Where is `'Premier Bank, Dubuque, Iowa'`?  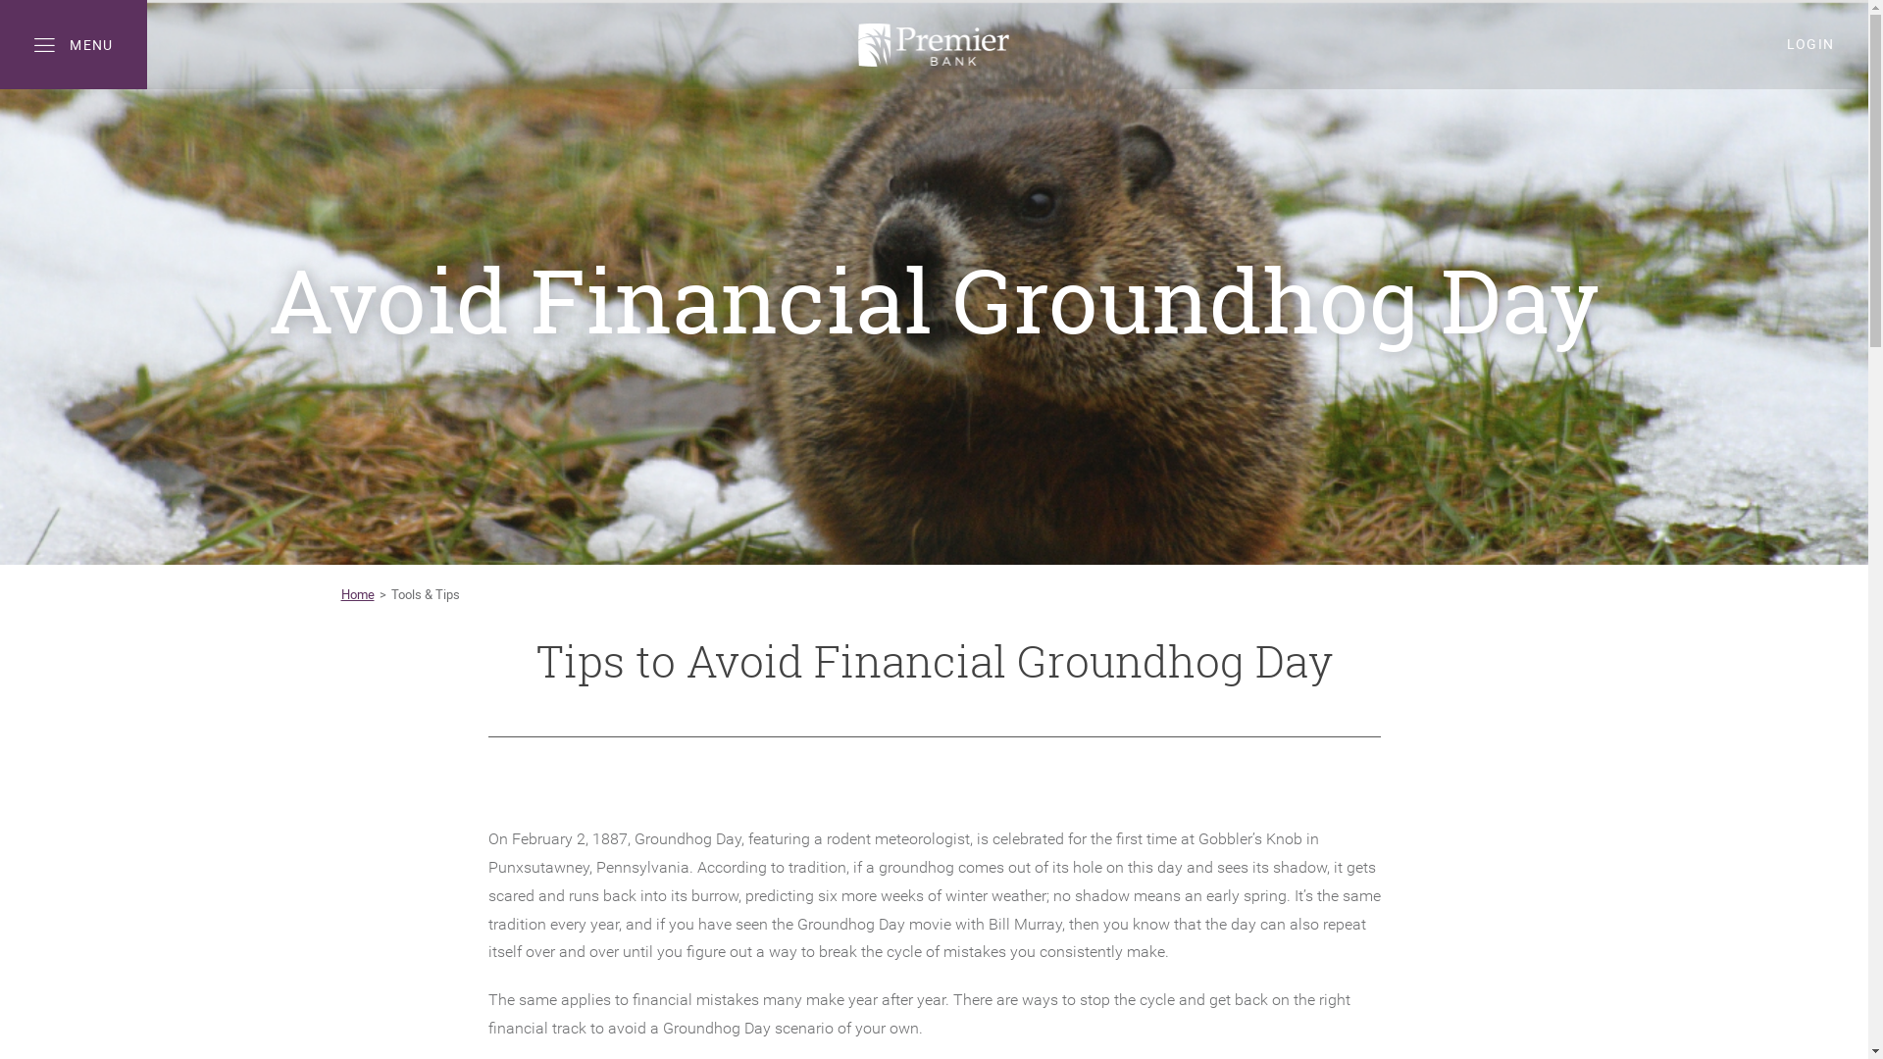
'Premier Bank, Dubuque, Iowa' is located at coordinates (932, 44).